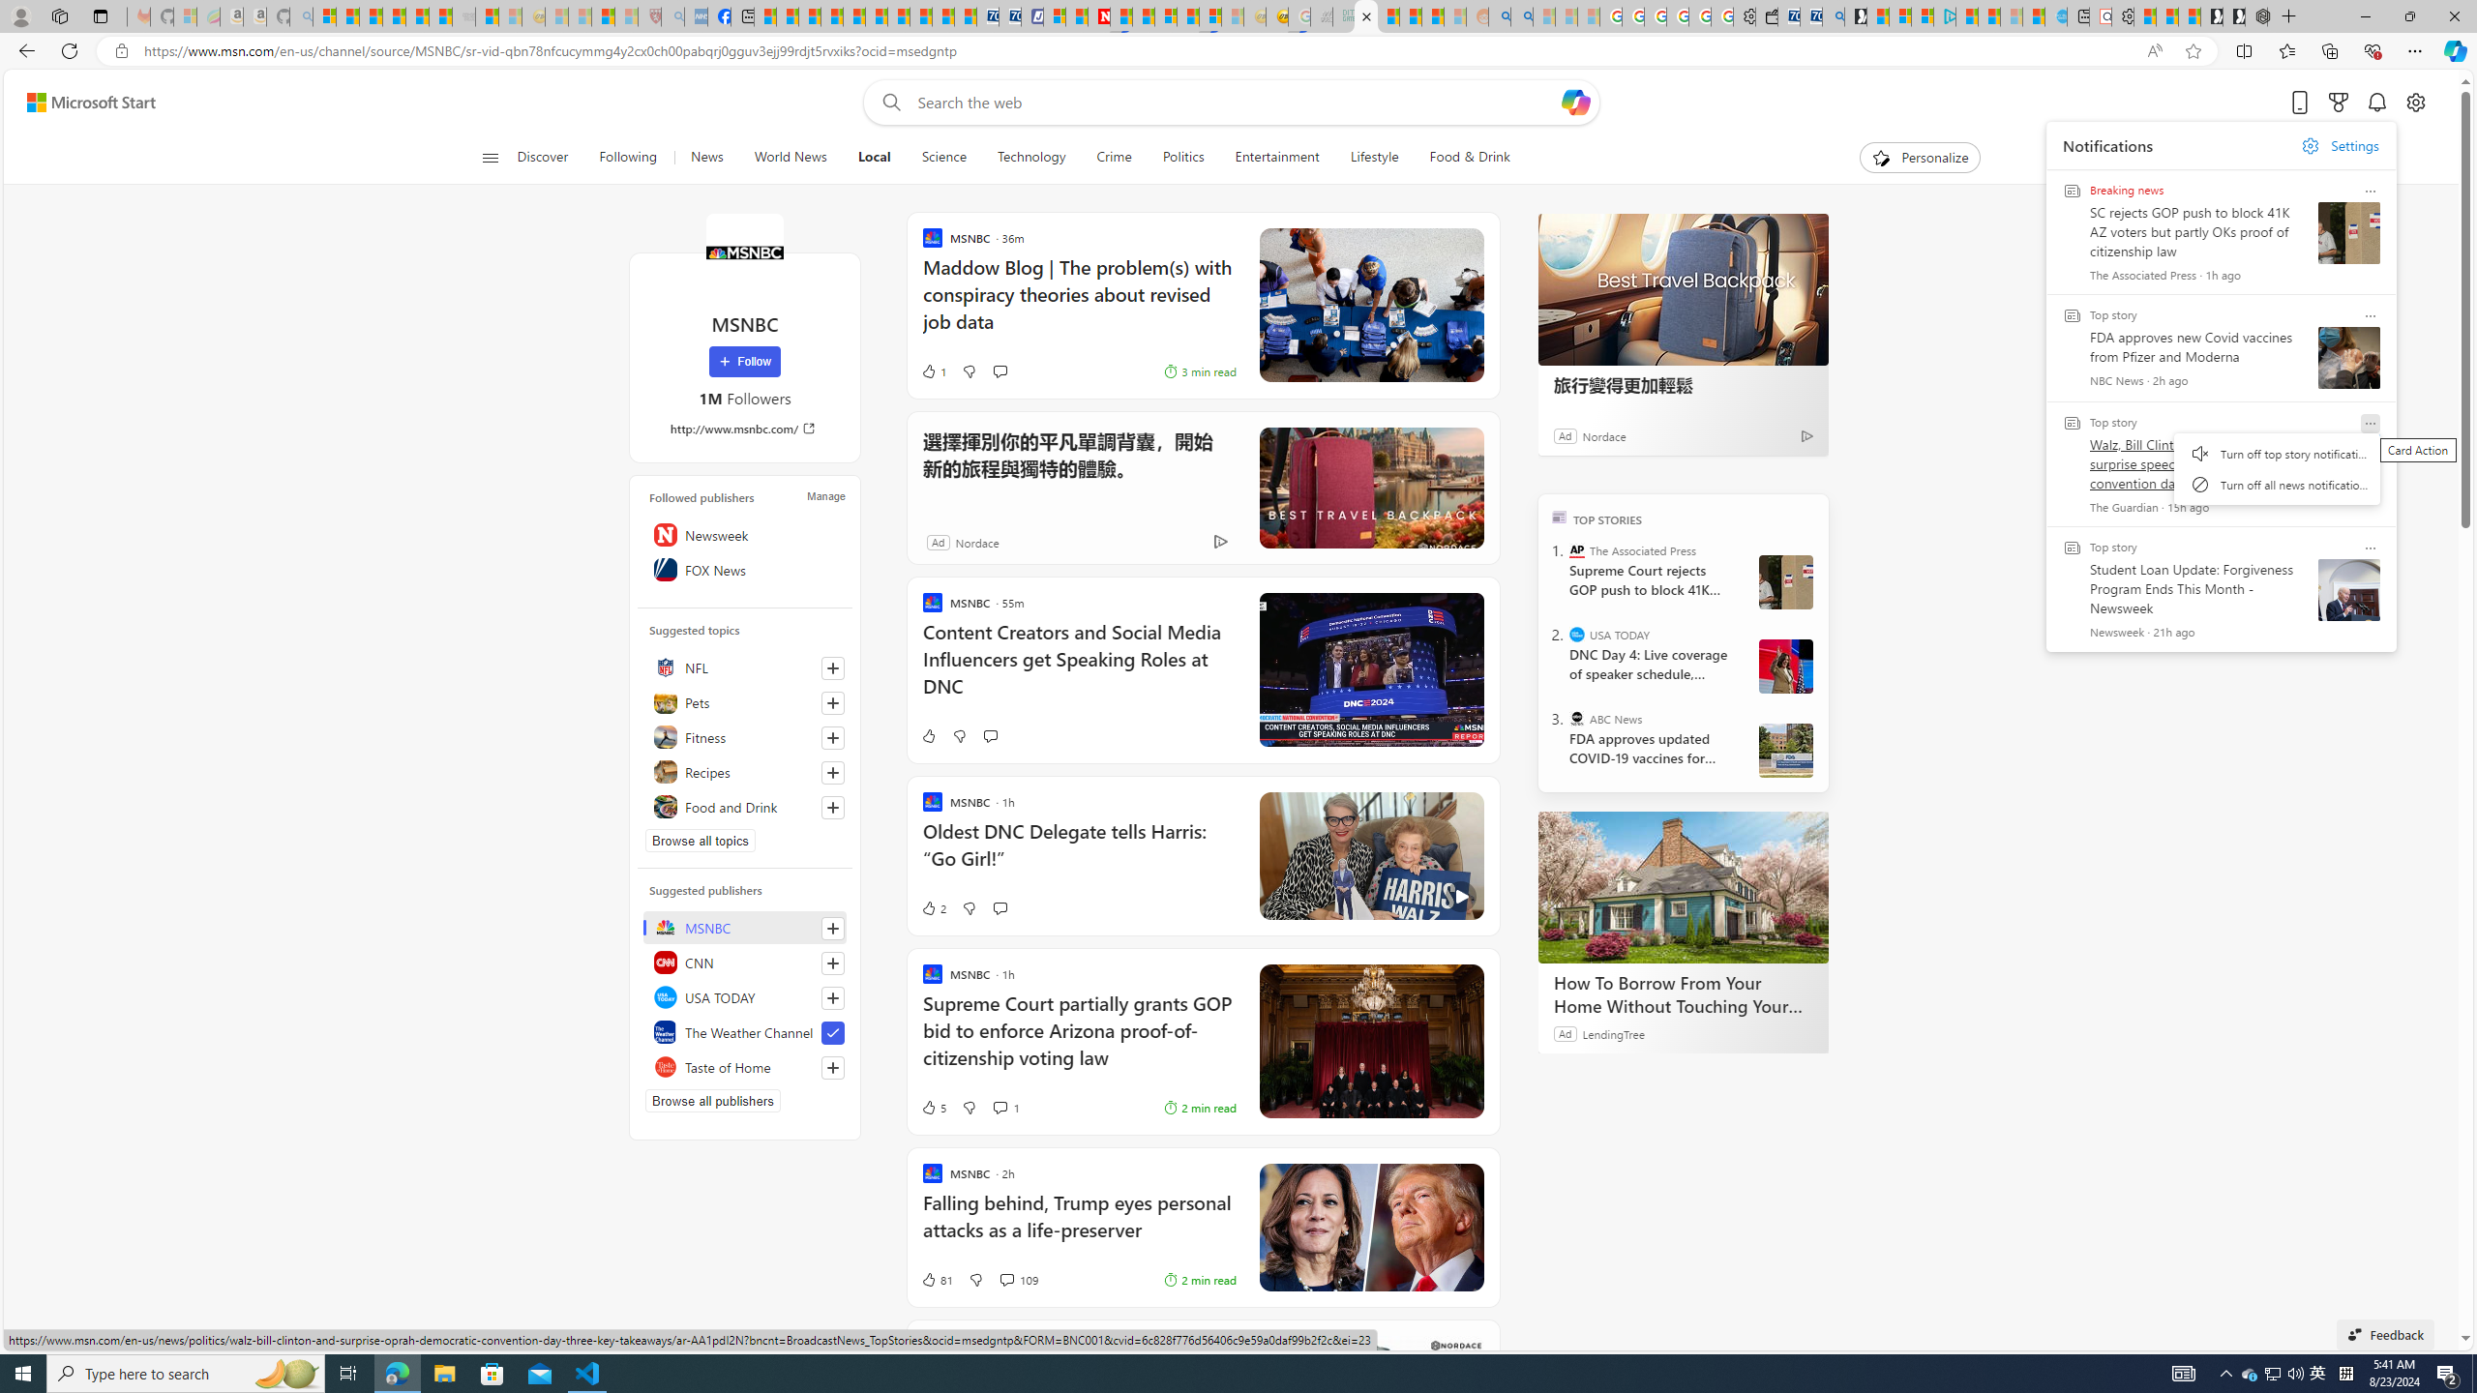  I want to click on '5 Like', so click(931, 1107).